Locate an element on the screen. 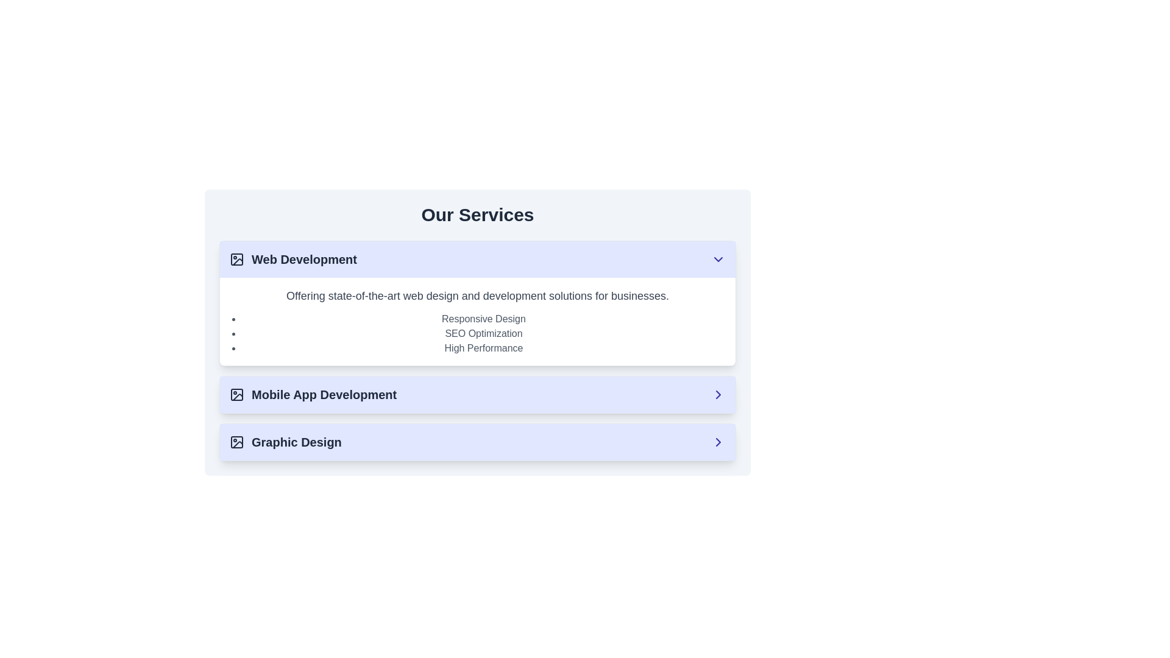 This screenshot has width=1170, height=658. the downward chevron arrow icon located at the right side of the 'Web Development' section's header is located at coordinates (718, 258).